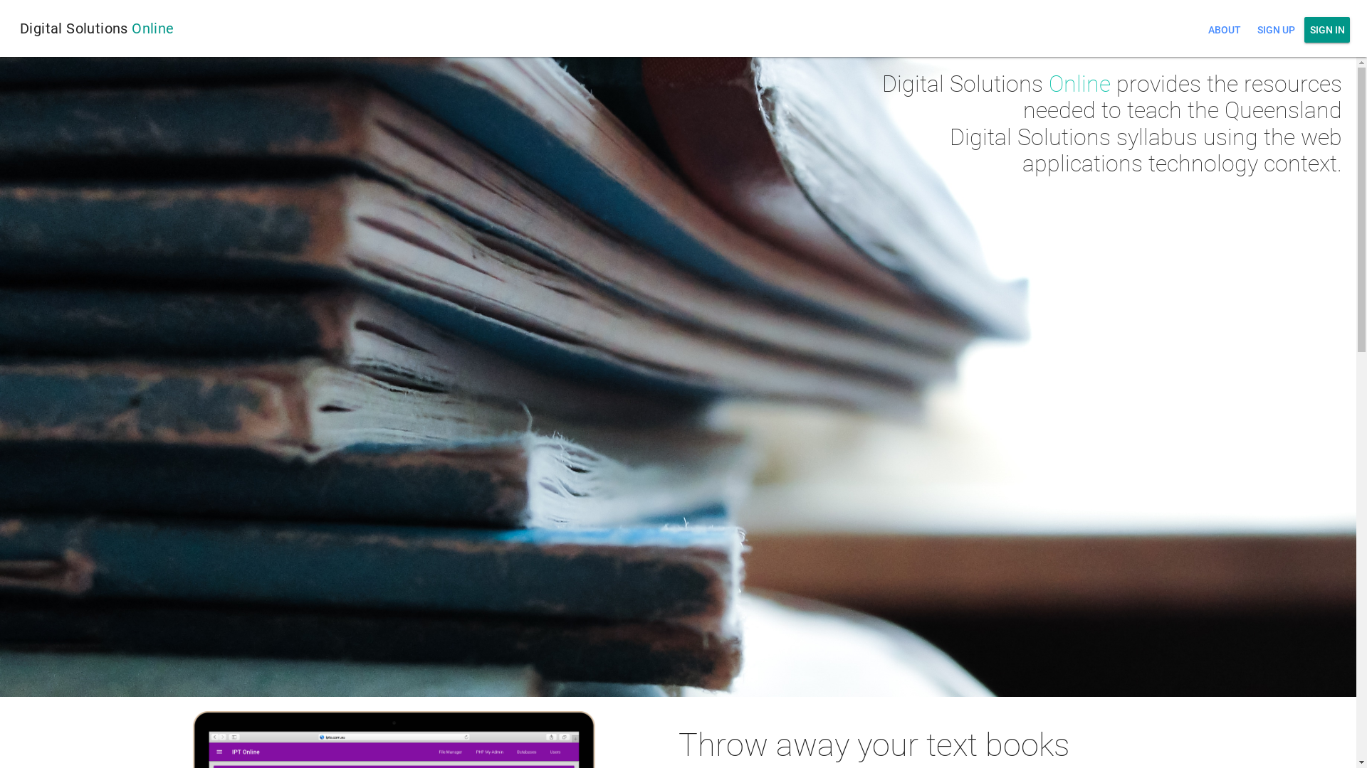 This screenshot has width=1367, height=768. What do you see at coordinates (1223, 30) in the screenshot?
I see `'ABOUT'` at bounding box center [1223, 30].